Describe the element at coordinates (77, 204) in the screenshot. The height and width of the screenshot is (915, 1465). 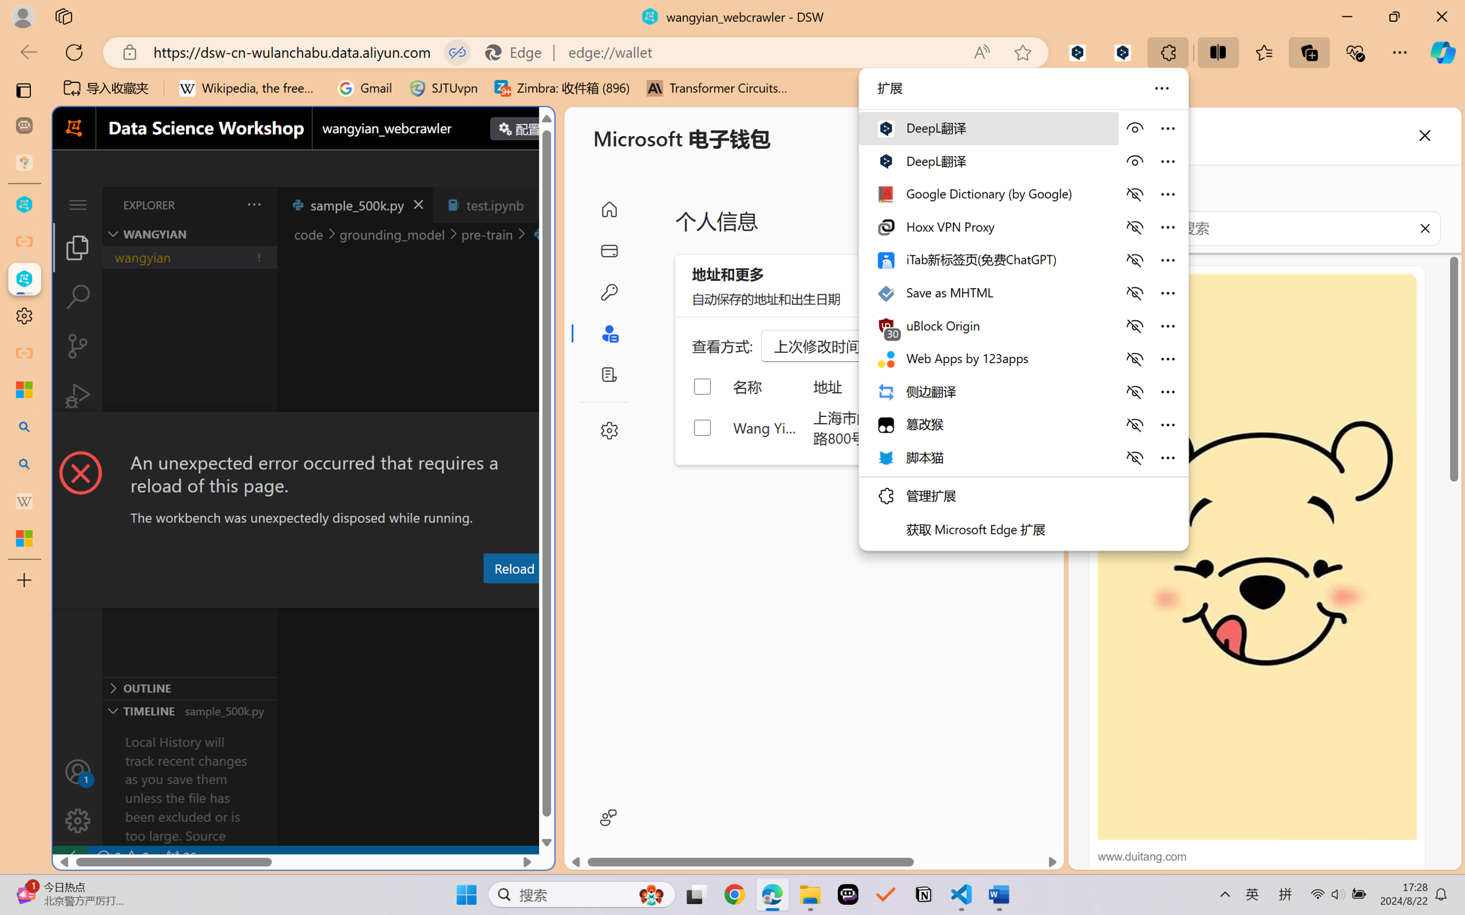
I see `'Class: menubar compact overflow-menu-only'` at that location.